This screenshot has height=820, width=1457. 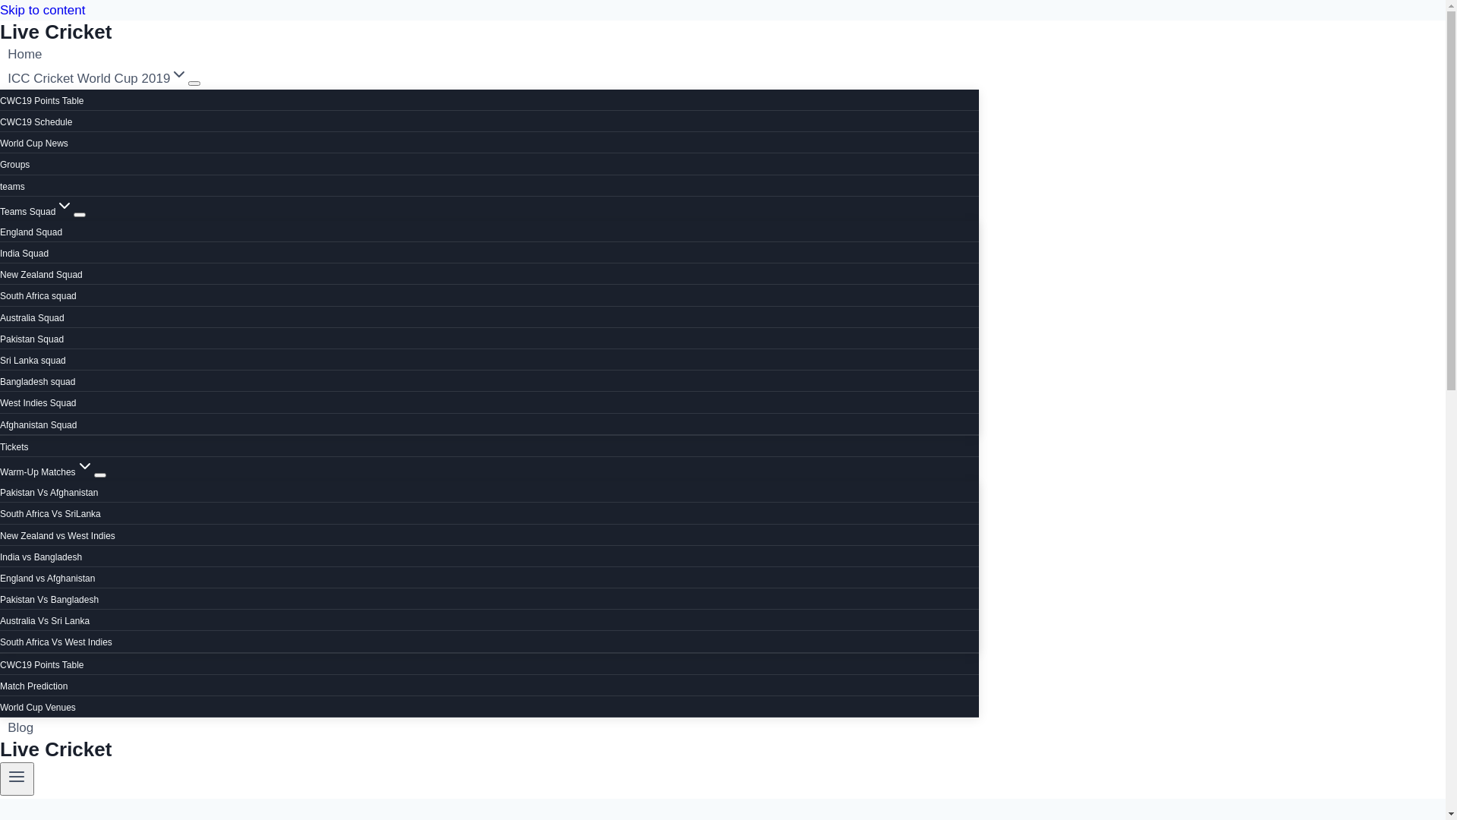 I want to click on 'Tickets', so click(x=0, y=446).